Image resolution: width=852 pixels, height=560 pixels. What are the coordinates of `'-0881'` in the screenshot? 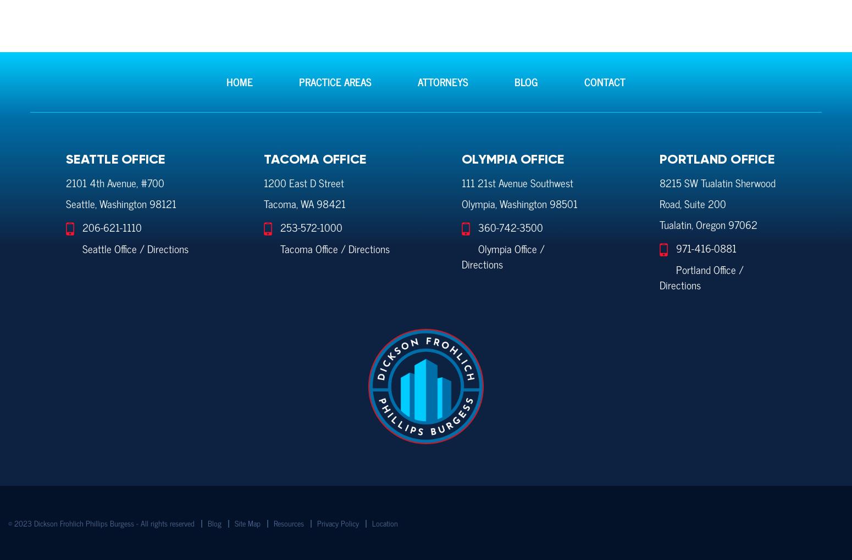 It's located at (723, 247).